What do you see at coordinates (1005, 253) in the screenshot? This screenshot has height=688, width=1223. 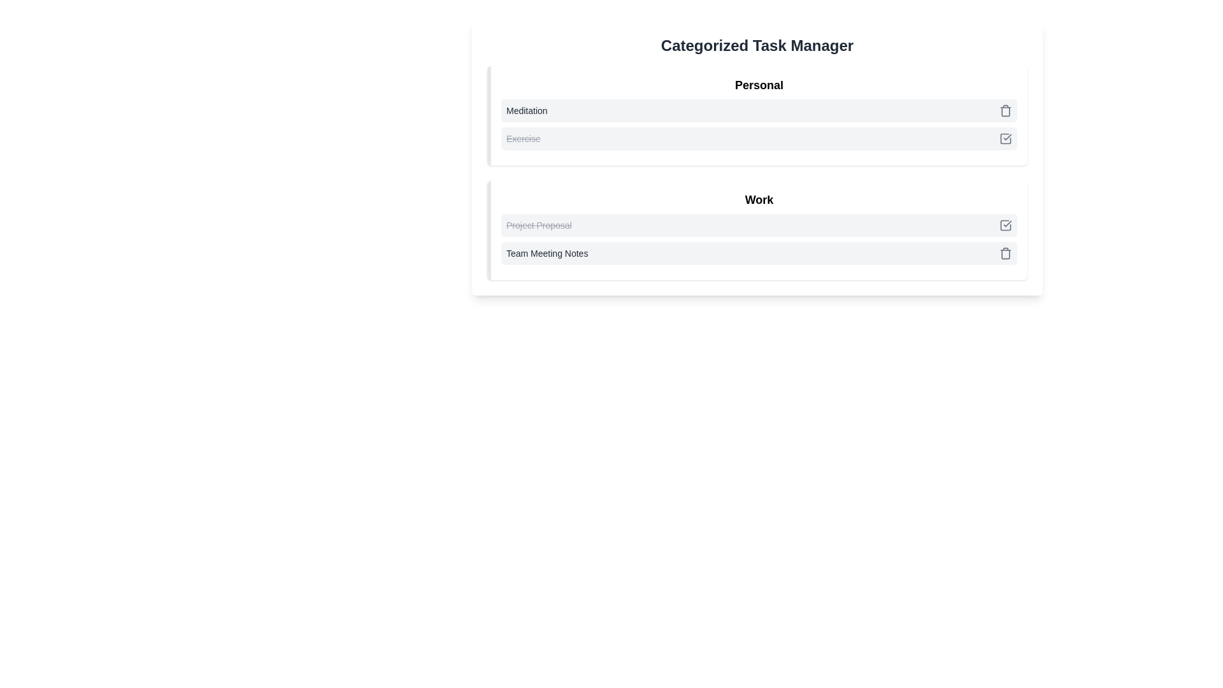 I see `the trashcan icon button located at the far right of the 'Team Meeting Notes' item` at bounding box center [1005, 253].